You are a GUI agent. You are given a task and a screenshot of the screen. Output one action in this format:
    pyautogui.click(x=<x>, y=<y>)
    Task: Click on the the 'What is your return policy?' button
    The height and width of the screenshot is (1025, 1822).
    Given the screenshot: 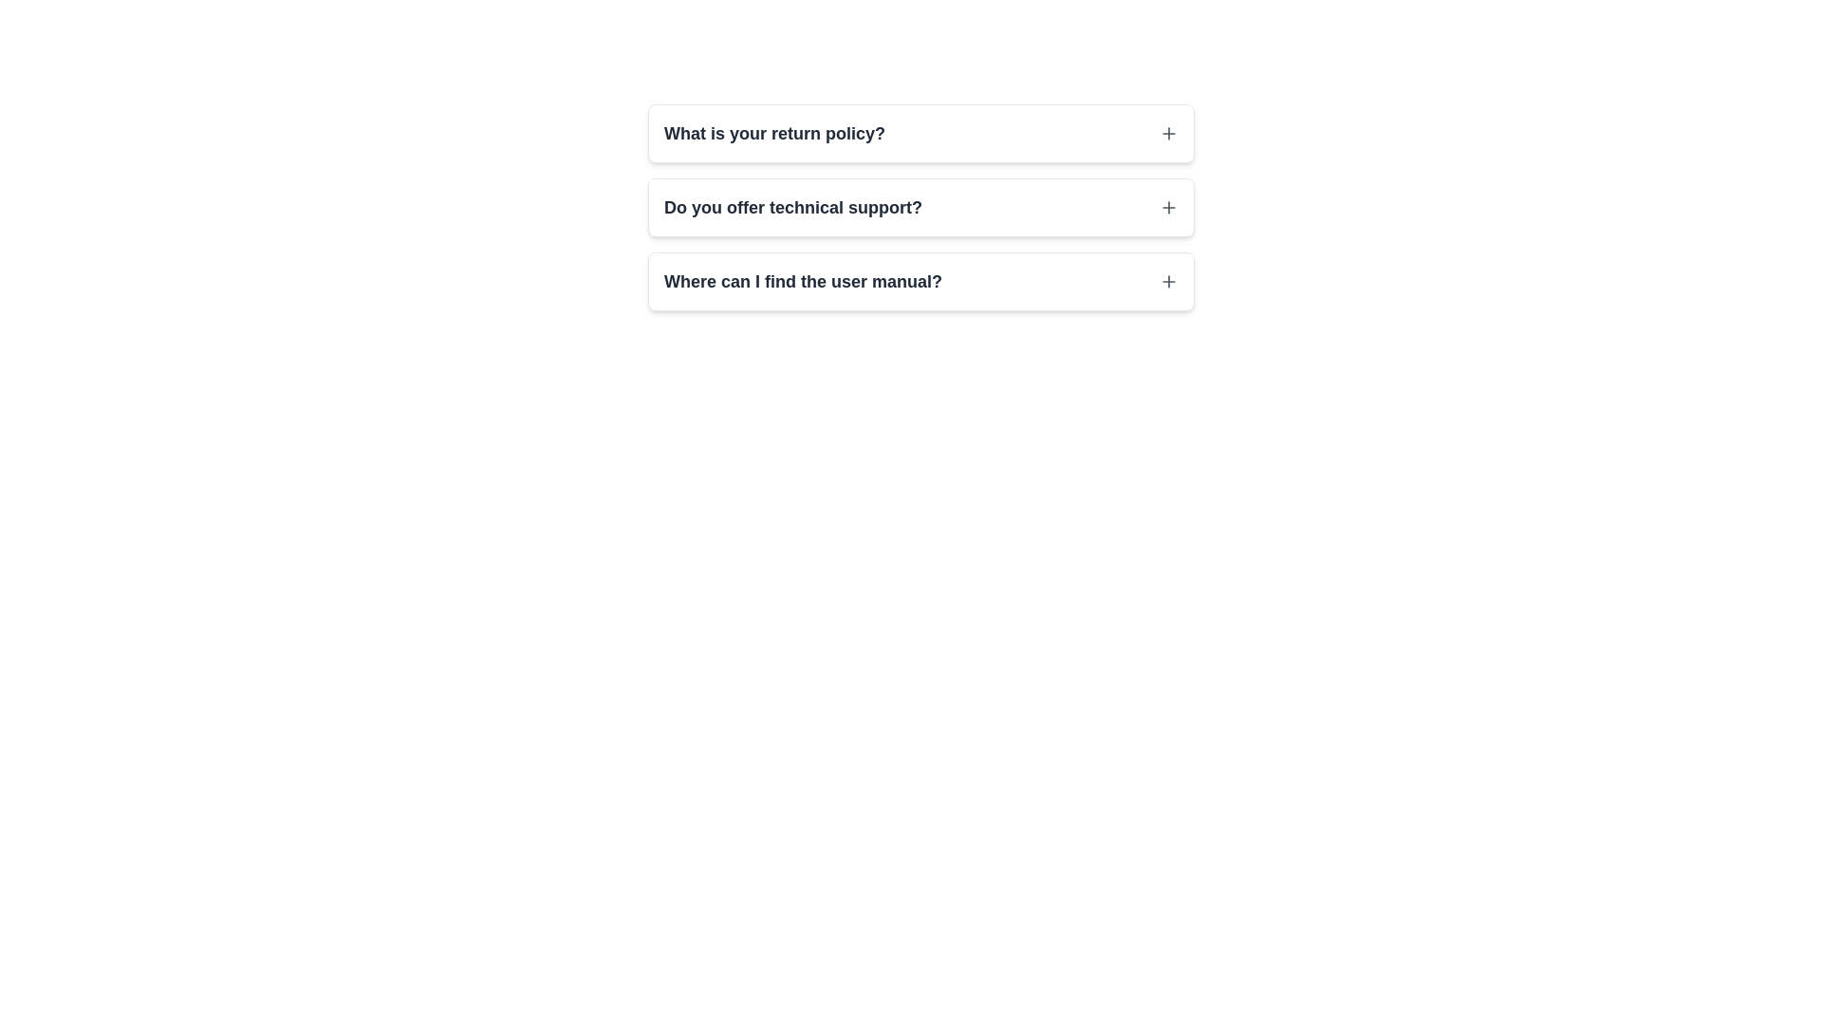 What is the action you would take?
    pyautogui.click(x=920, y=133)
    